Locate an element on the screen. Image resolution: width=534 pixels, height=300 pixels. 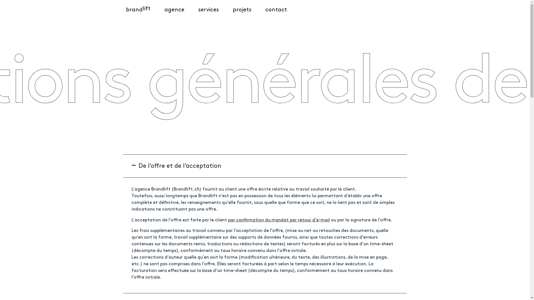
'agence' is located at coordinates (174, 10).